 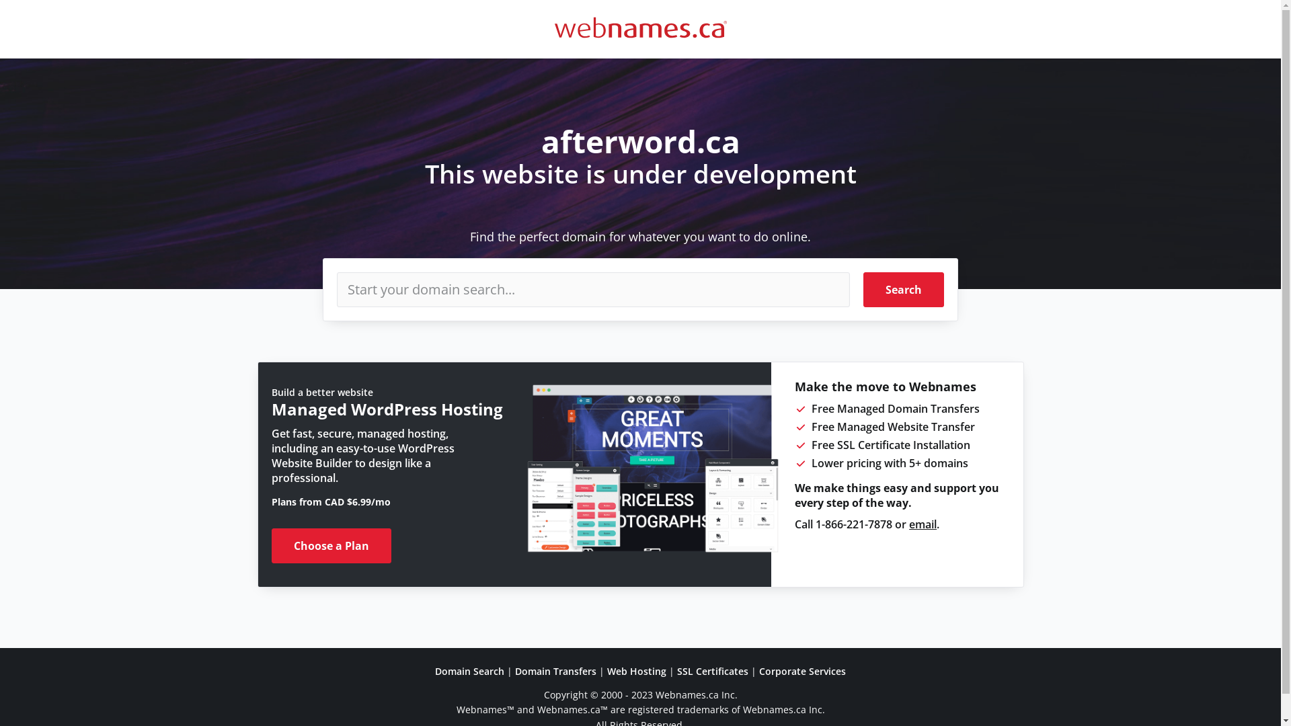 I want to click on '1-866-221-7878', so click(x=853, y=523).